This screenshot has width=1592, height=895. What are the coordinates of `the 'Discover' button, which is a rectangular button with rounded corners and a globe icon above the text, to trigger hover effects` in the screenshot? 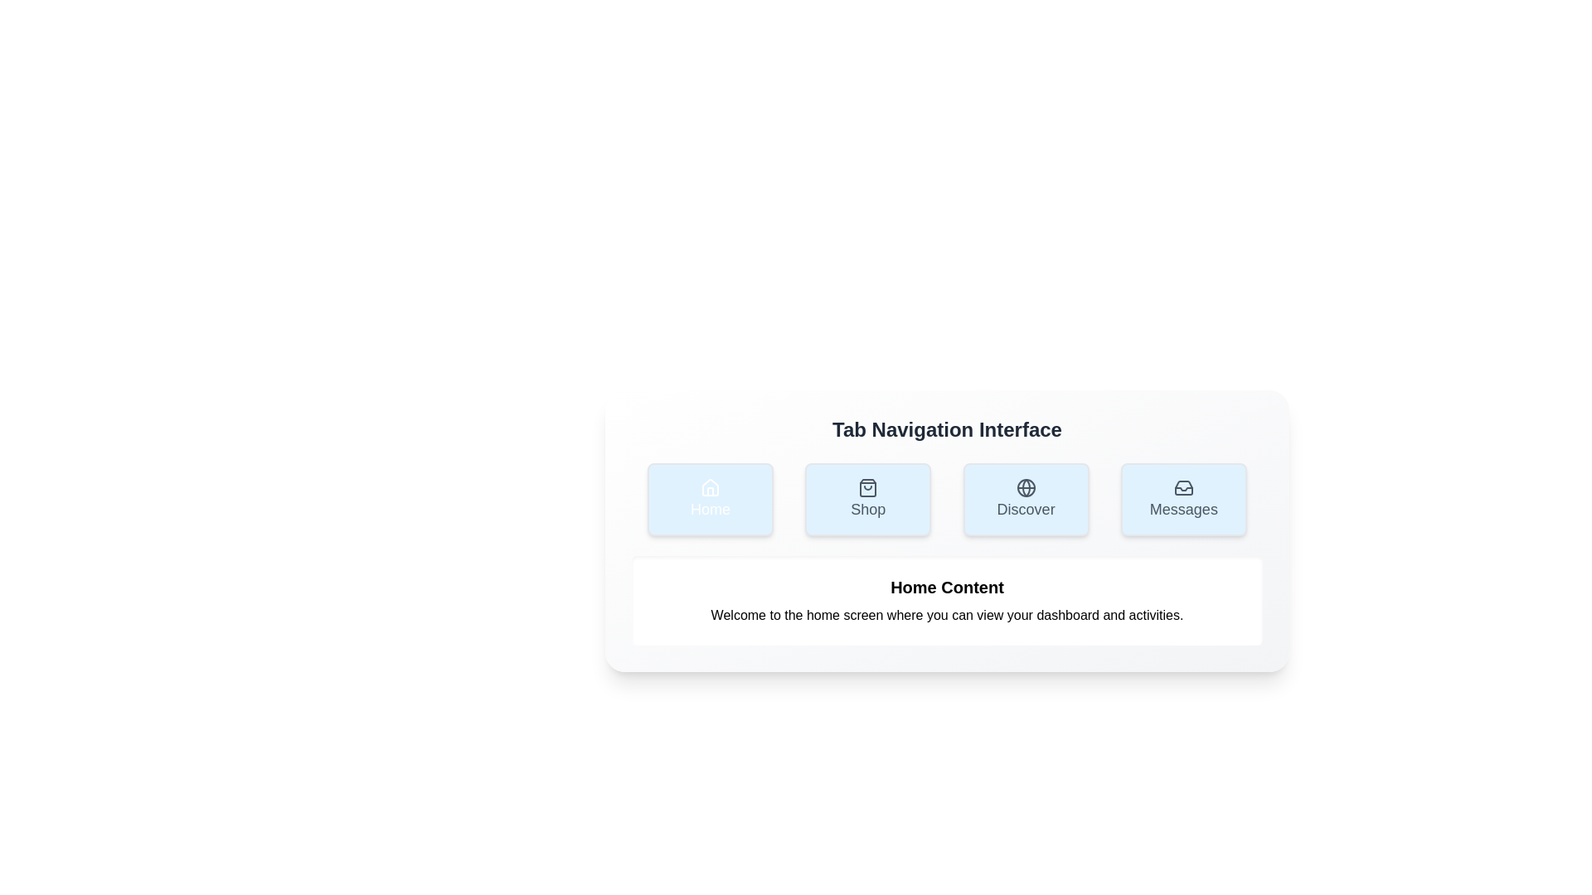 It's located at (1025, 498).